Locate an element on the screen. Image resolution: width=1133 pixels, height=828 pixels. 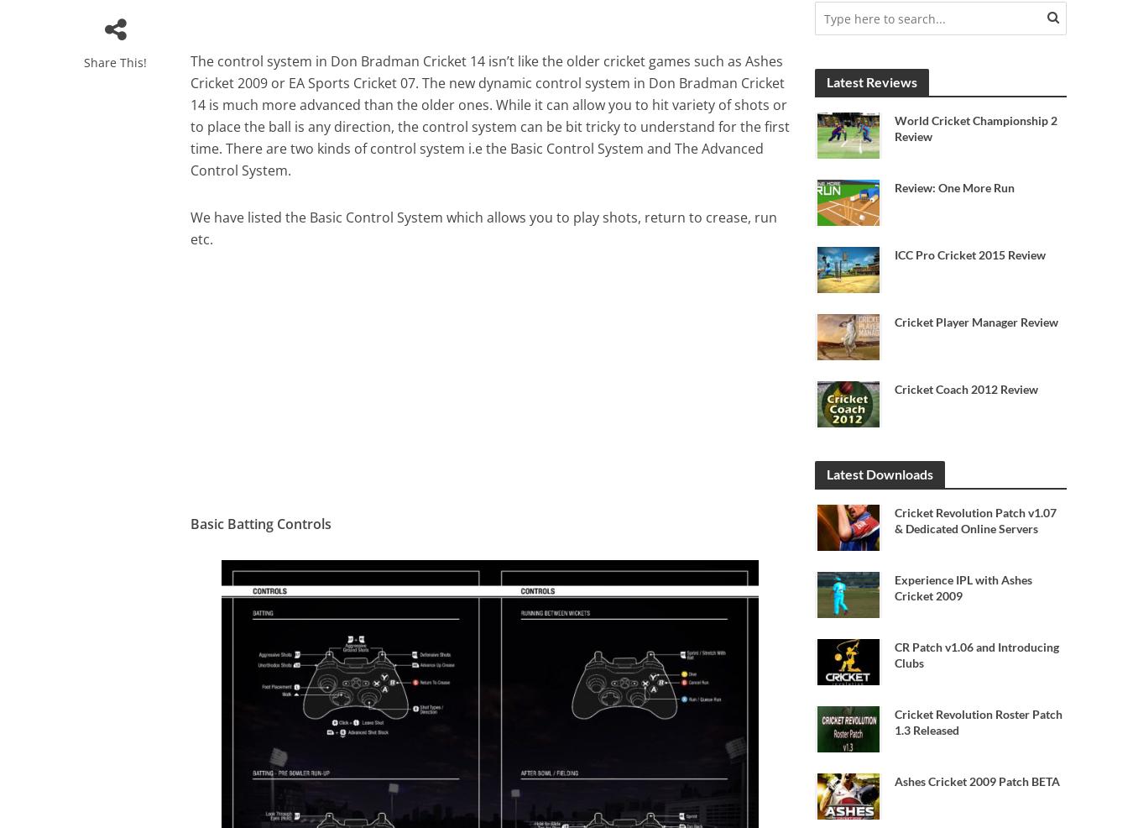
'The control system in Don Bradman Cricket 14 isn’t like the older cricket games such as Ashes Cricket 2009 or EA Sports Cricket 07. The new dynamic control system in Don Bradman Cricket 14 is much more advanced than the older ones. While it can allow you to hit variety of shots or to place the ball is any direction, the control system can be bit tricky to understand for the first time. There are two kinds of control system i.e the Basic Control System and The Advanced Control System.' is located at coordinates (189, 116).